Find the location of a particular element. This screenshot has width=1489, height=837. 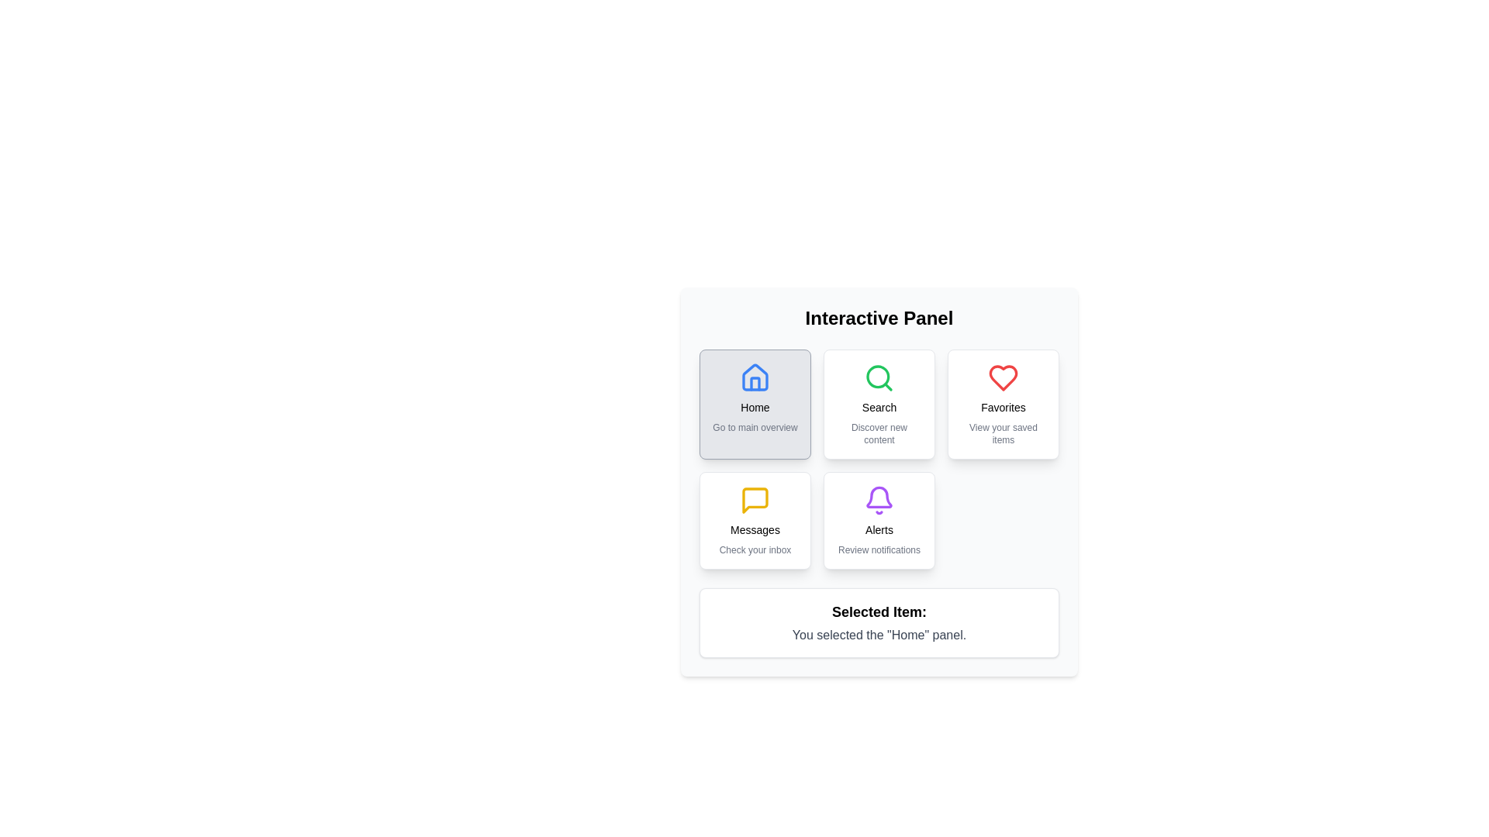

the text label that describes the card labeled 'Discover new content', located at the middle-right position within the grid of interactive items is located at coordinates (879, 406).